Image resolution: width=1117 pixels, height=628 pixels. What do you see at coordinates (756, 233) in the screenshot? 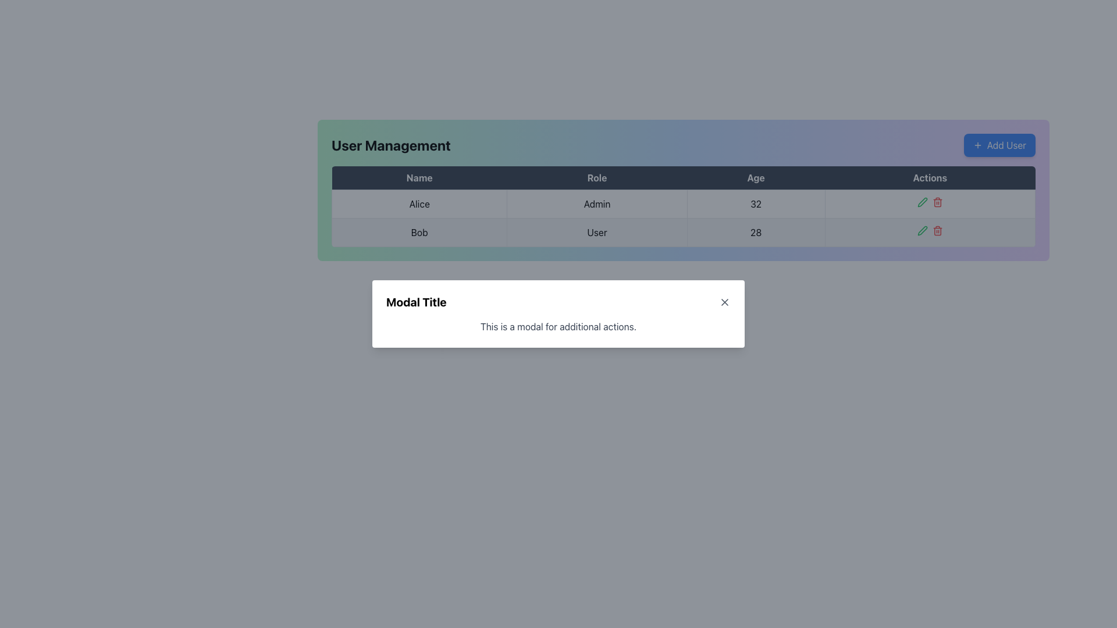
I see `the text label displaying the number '28' in the User Management table, located in the fourth column of the second row for User: Bob` at bounding box center [756, 233].